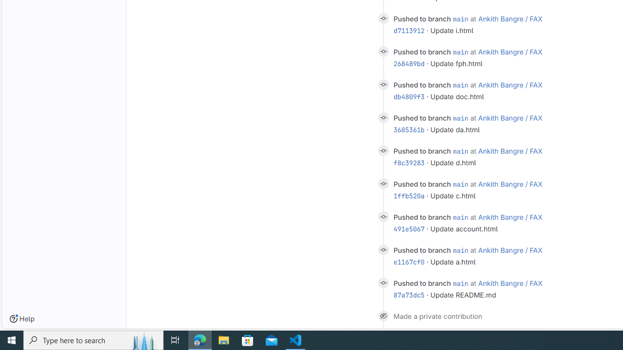  I want to click on '87a73dc5', so click(409, 295).